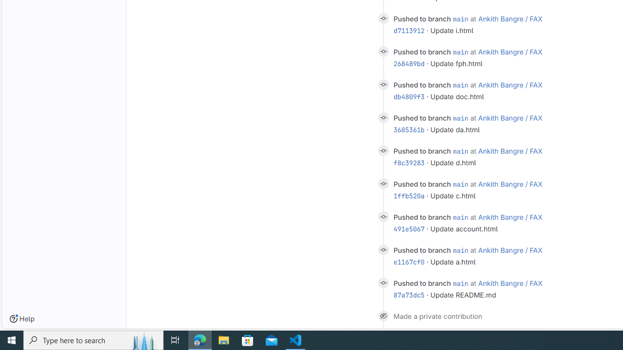  I want to click on '87a73dc5', so click(409, 295).